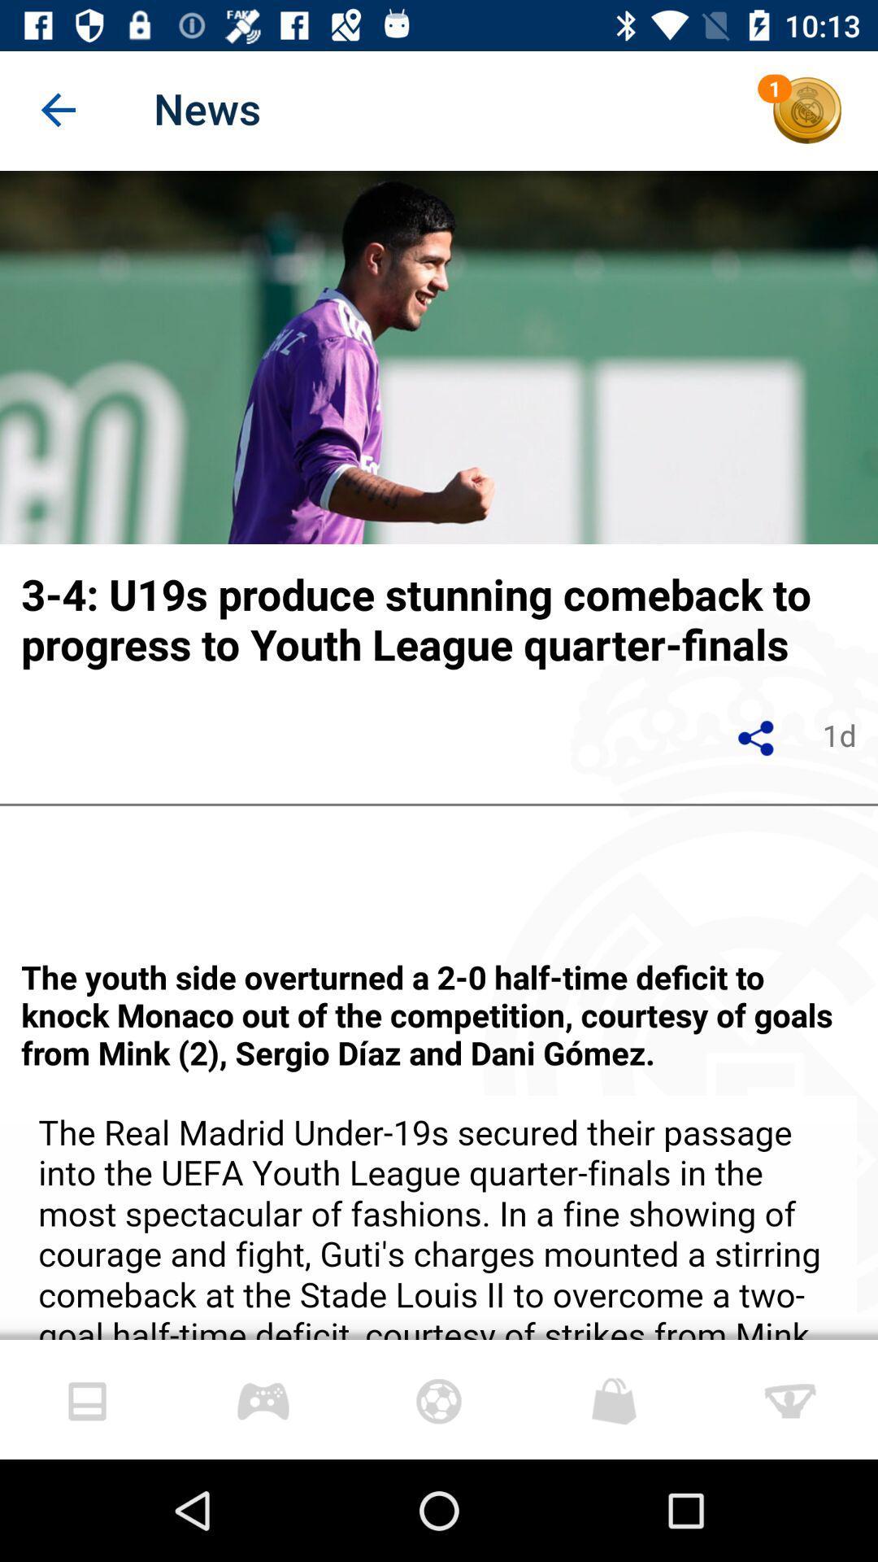  I want to click on the icon which is right of news, so click(807, 110).